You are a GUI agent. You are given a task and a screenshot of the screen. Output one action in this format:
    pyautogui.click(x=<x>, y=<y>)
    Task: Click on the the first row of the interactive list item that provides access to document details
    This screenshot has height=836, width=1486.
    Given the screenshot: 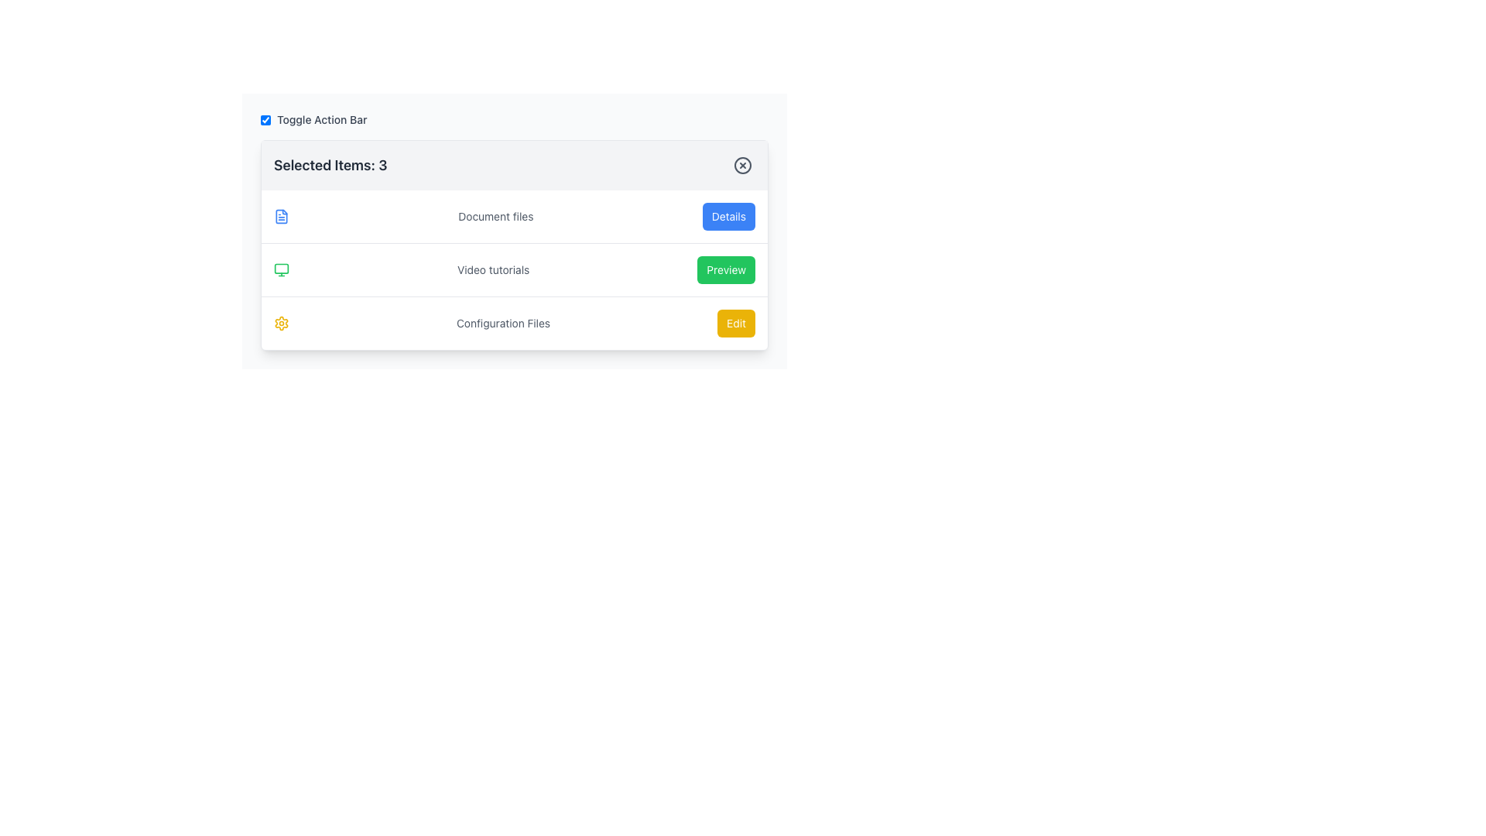 What is the action you would take?
    pyautogui.click(x=515, y=217)
    